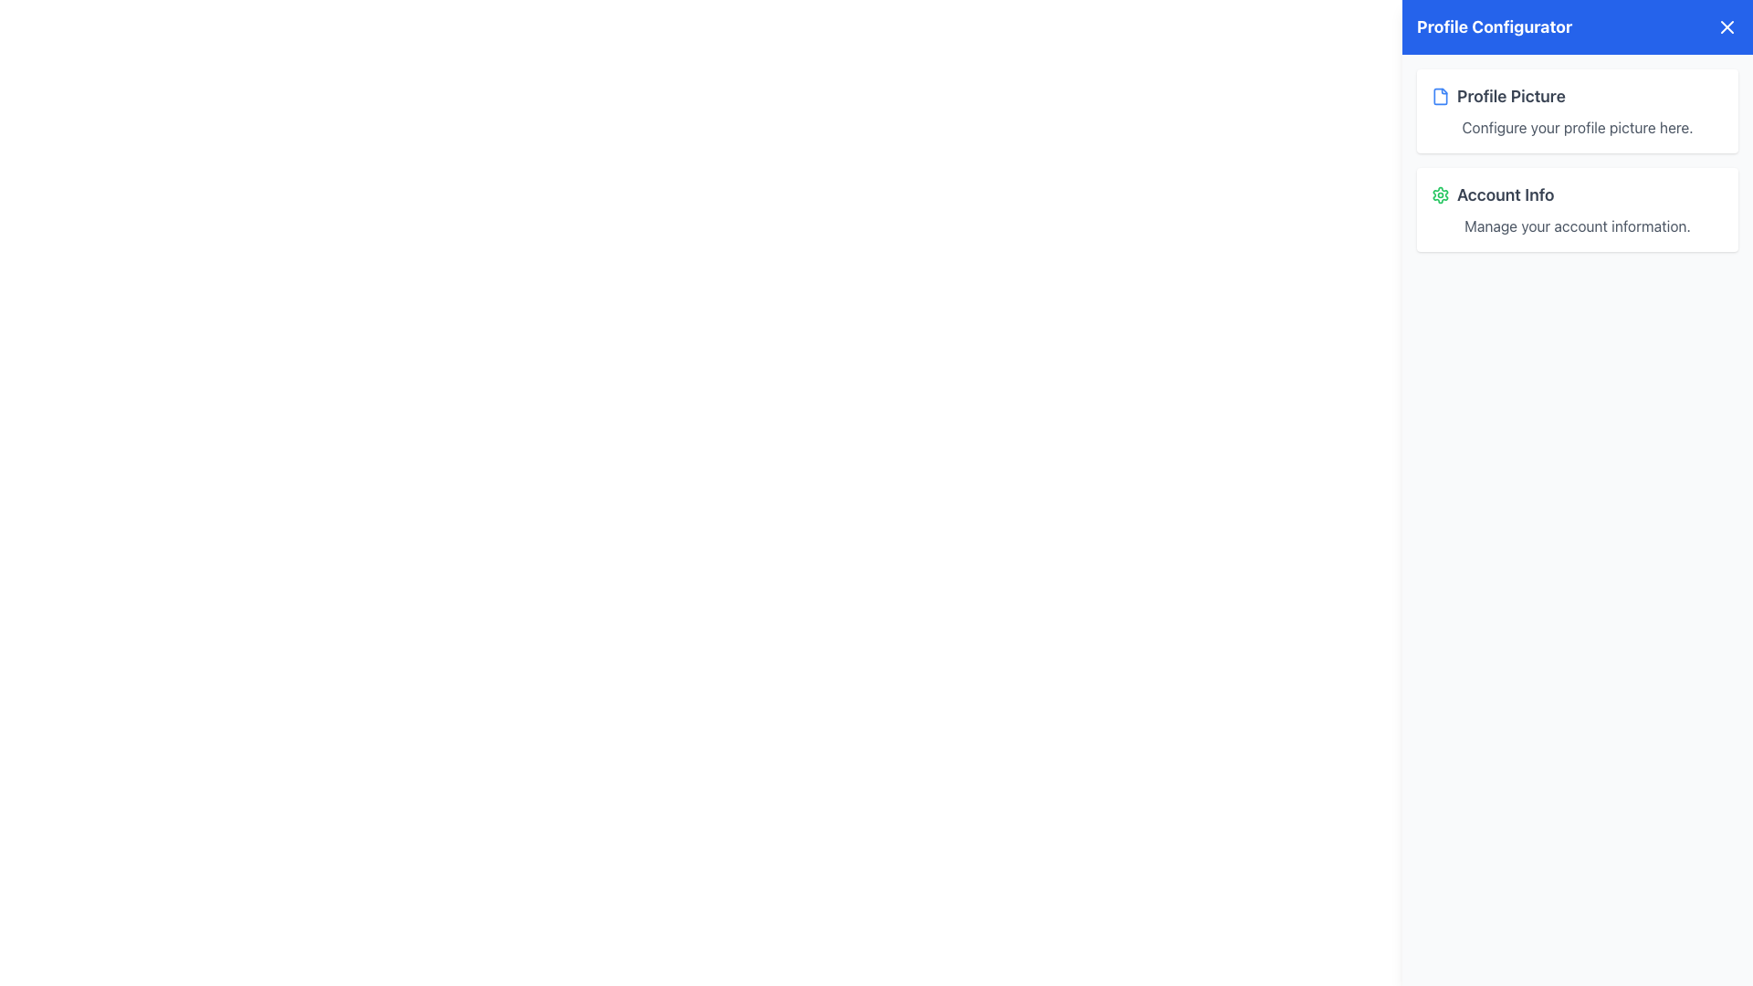 The height and width of the screenshot is (986, 1753). What do you see at coordinates (1726, 27) in the screenshot?
I see `the close button located at the top-right corner of the 'Profile Configurator' header` at bounding box center [1726, 27].